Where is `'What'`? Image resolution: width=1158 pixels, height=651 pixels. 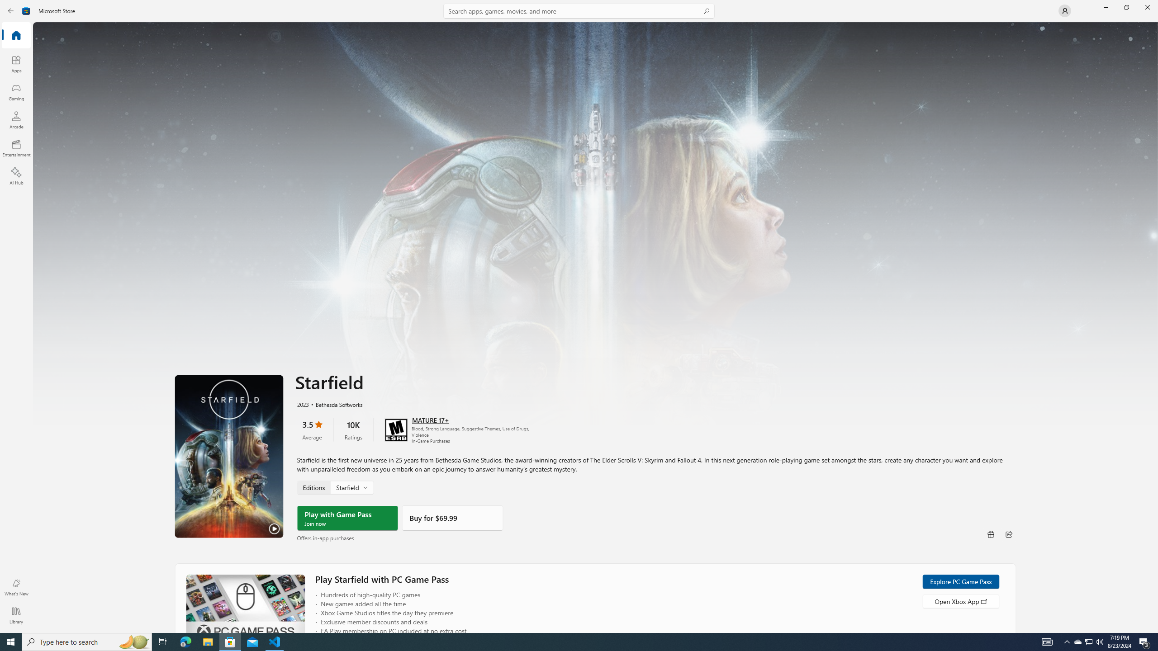 'What' is located at coordinates (15, 587).